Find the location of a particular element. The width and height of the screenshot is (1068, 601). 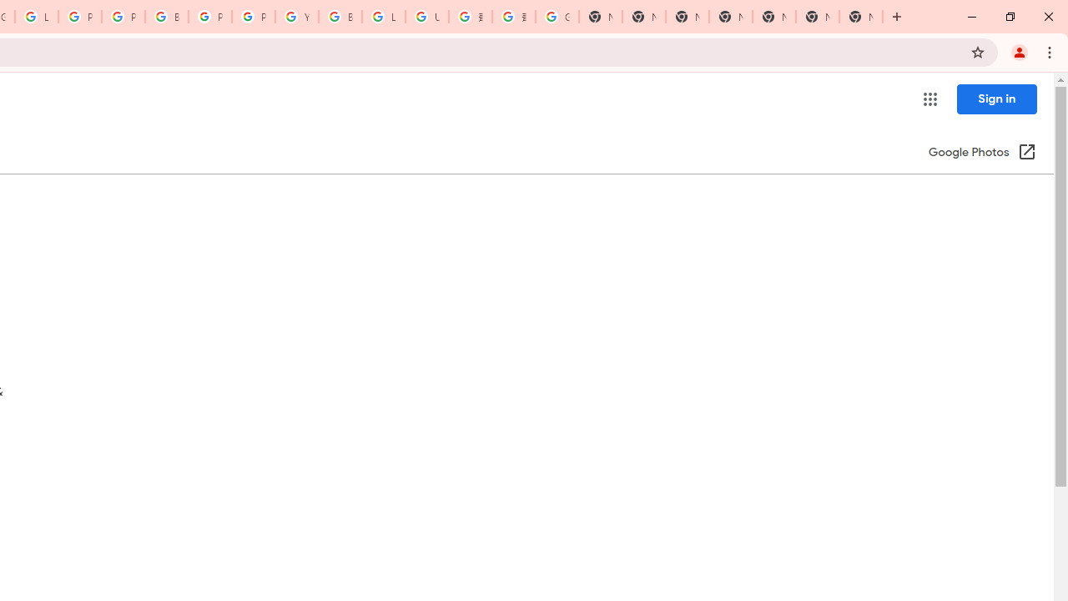

'Google Images' is located at coordinates (557, 17).